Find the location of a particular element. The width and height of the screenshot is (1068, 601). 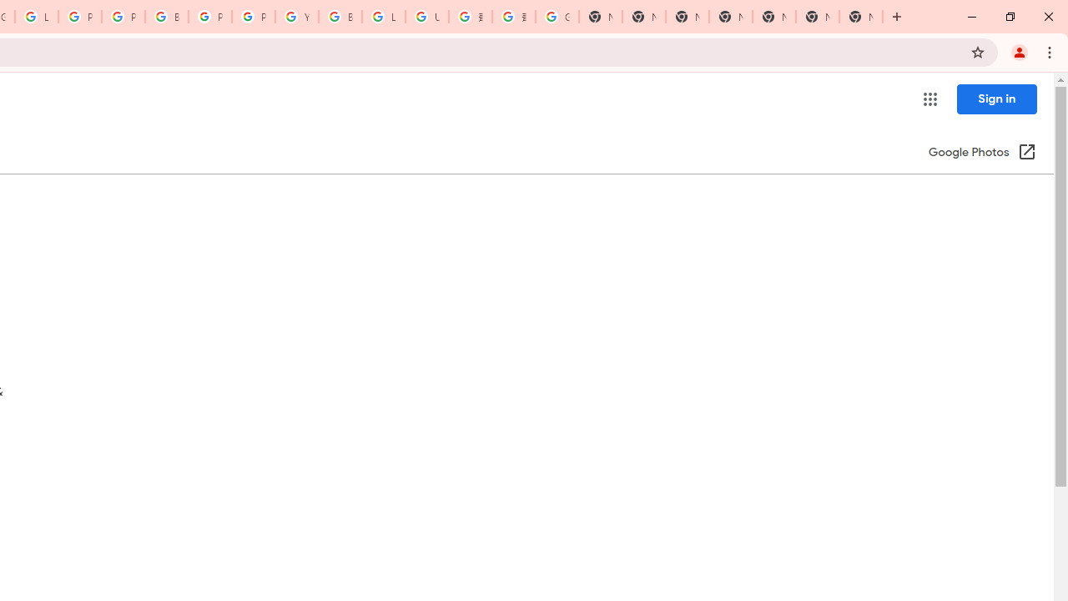

'Google Images' is located at coordinates (557, 17).